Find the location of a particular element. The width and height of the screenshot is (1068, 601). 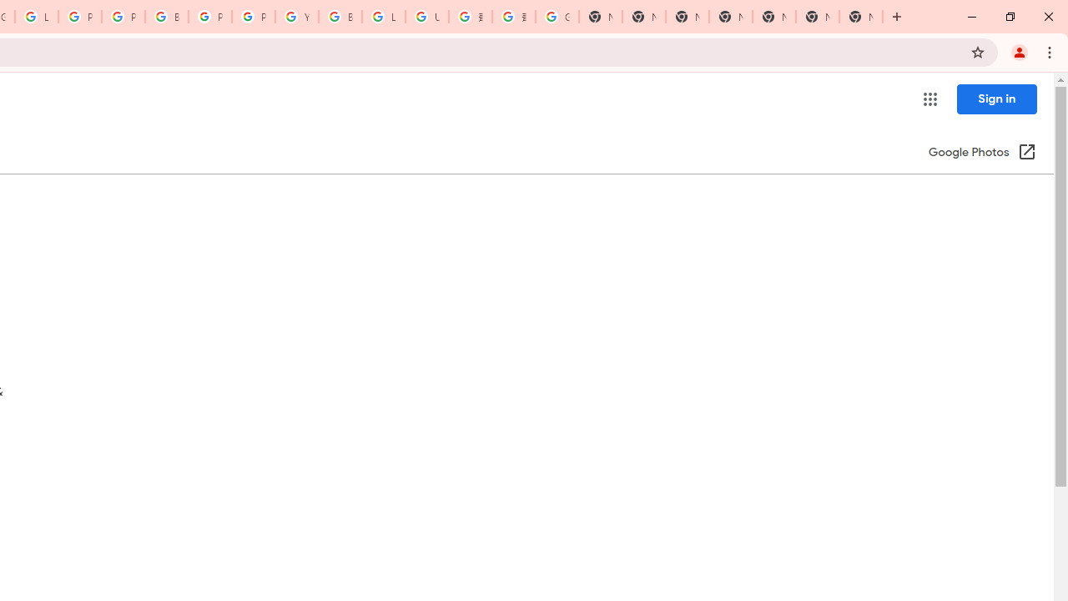

'Google Images' is located at coordinates (557, 17).